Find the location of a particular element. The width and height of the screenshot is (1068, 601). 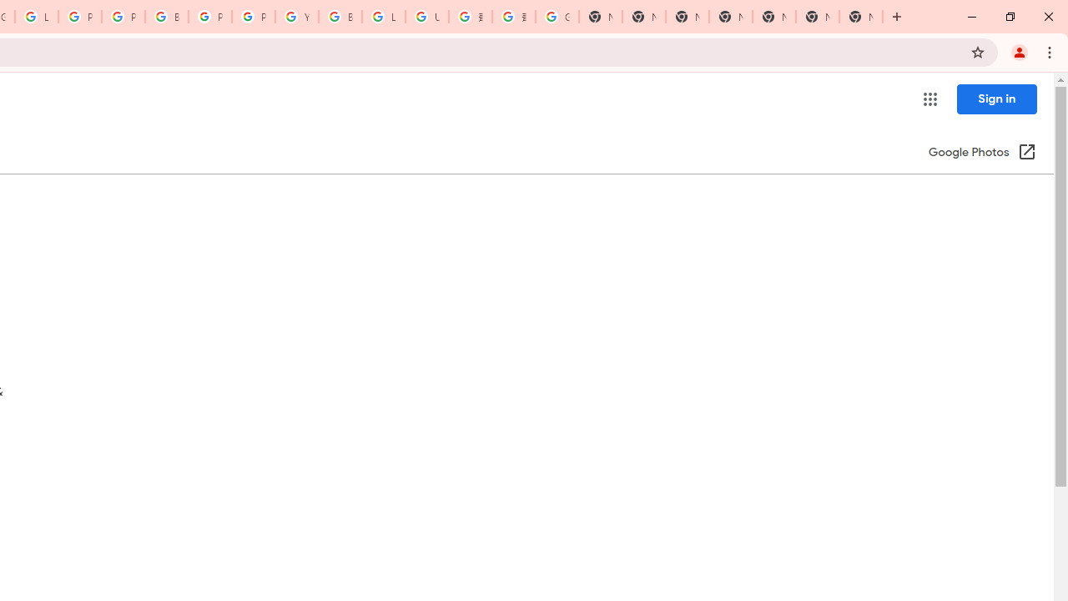

'Google Images' is located at coordinates (557, 17).